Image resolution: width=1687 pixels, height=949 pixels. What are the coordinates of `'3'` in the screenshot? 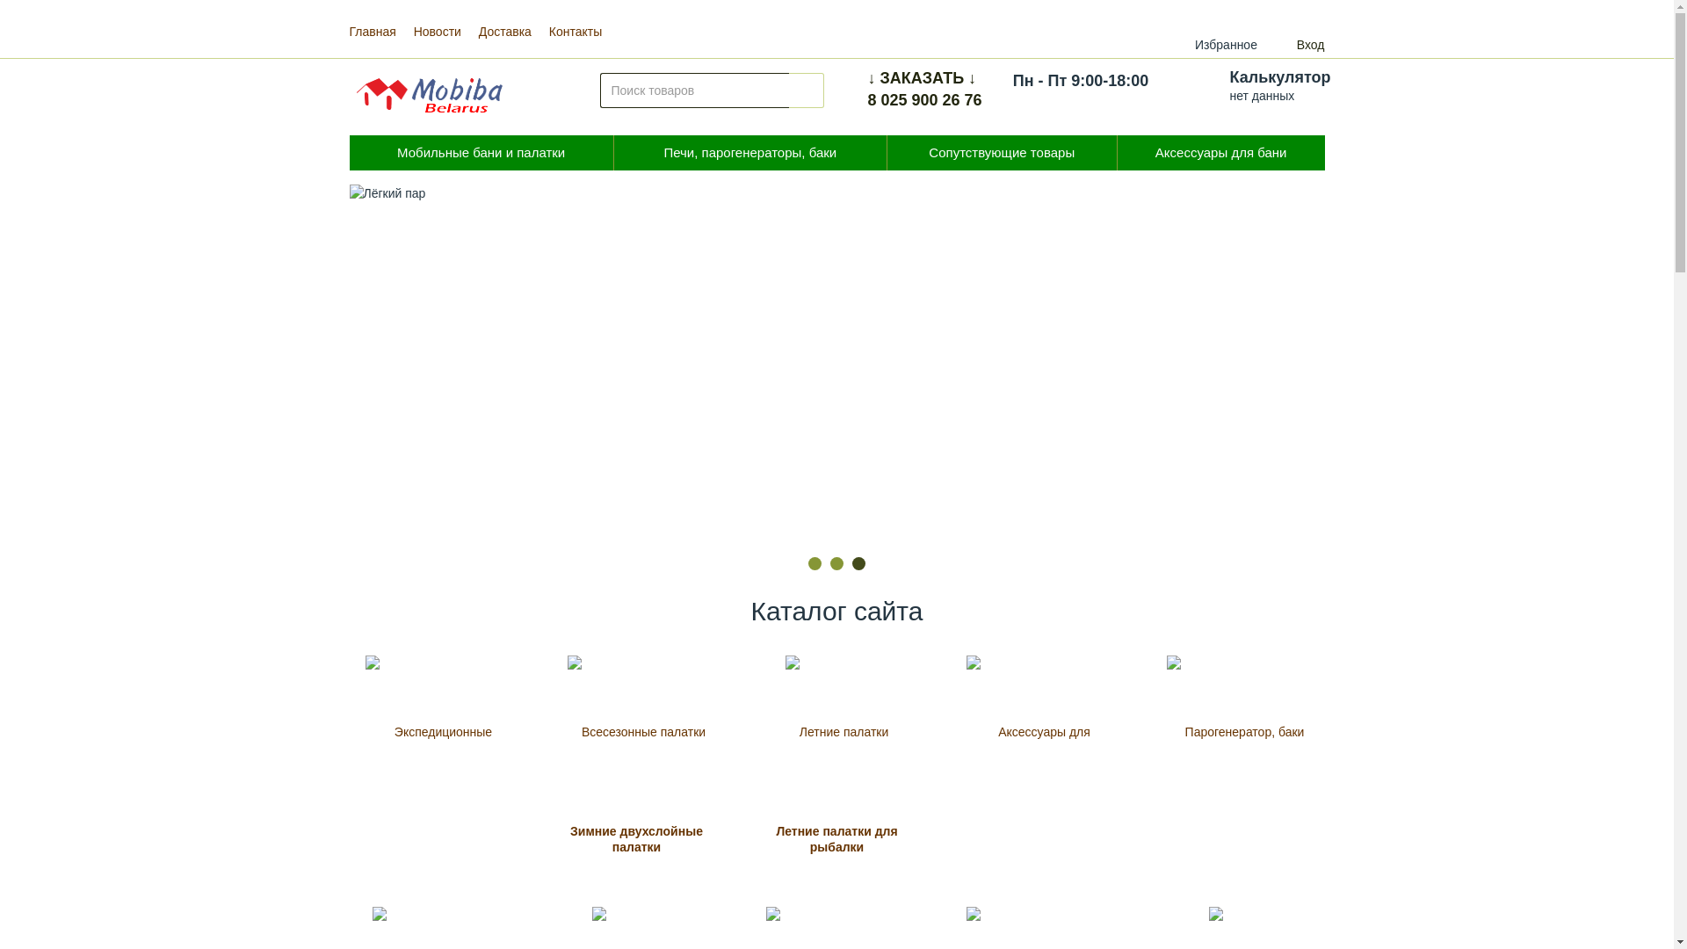 It's located at (851, 563).